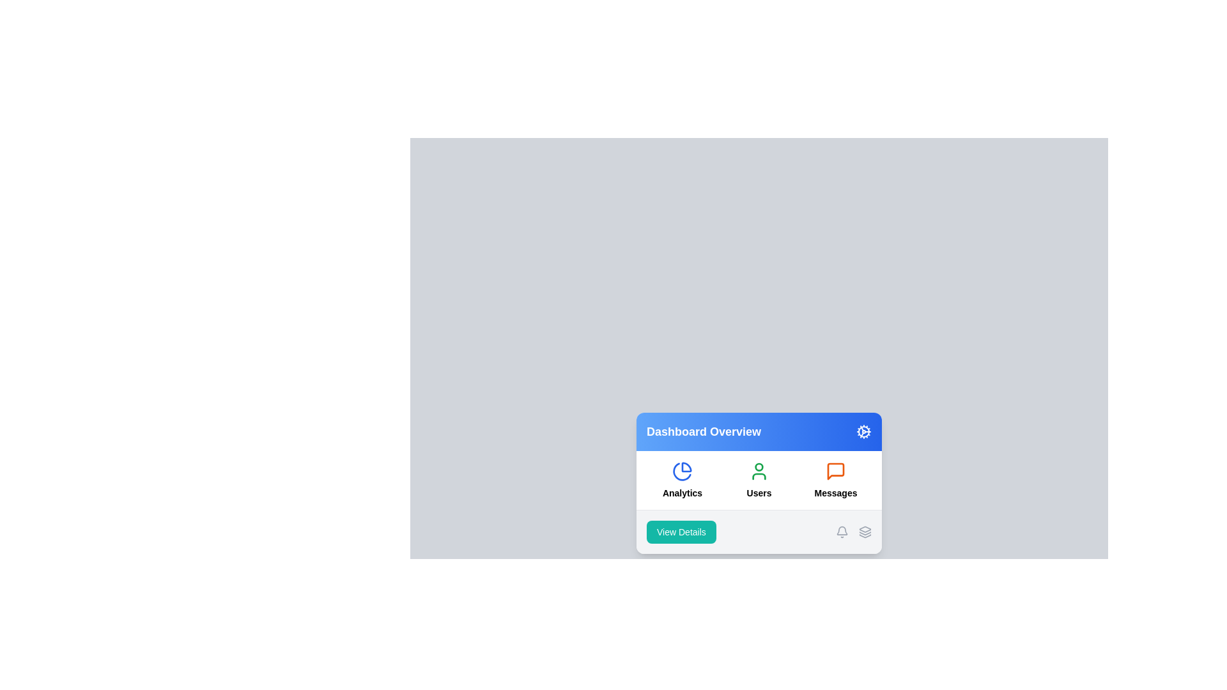 This screenshot has height=690, width=1227. What do you see at coordinates (681, 532) in the screenshot?
I see `the button located at the lower-left corner of the 'Dashboard Overview' card` at bounding box center [681, 532].